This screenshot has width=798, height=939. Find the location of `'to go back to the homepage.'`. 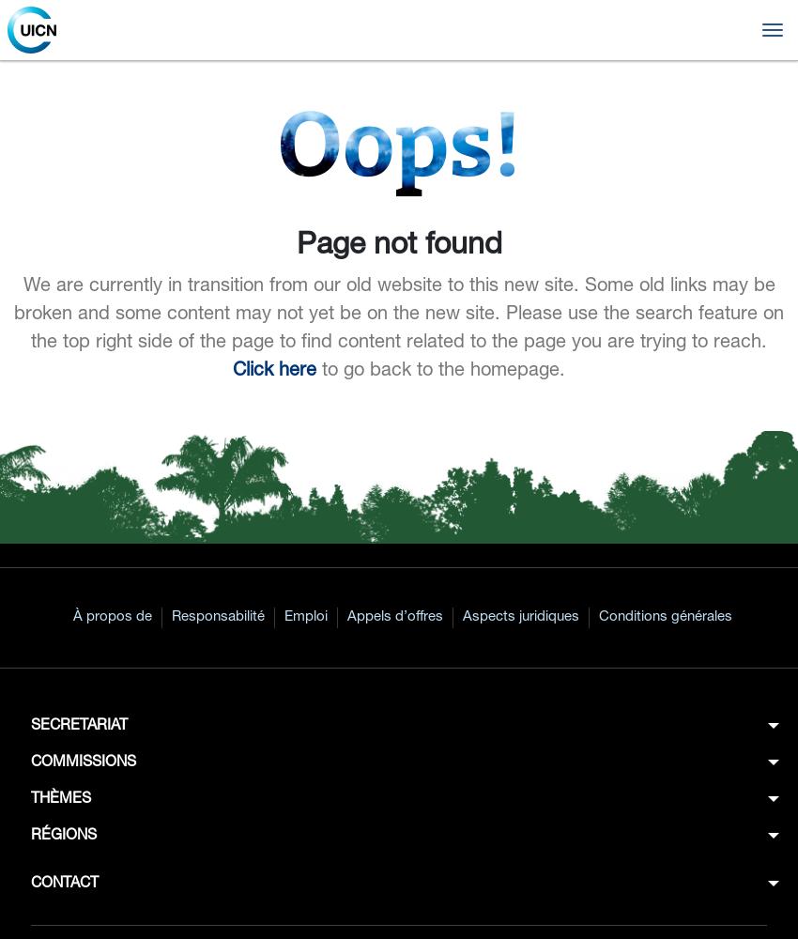

'to go back to the homepage.' is located at coordinates (440, 371).